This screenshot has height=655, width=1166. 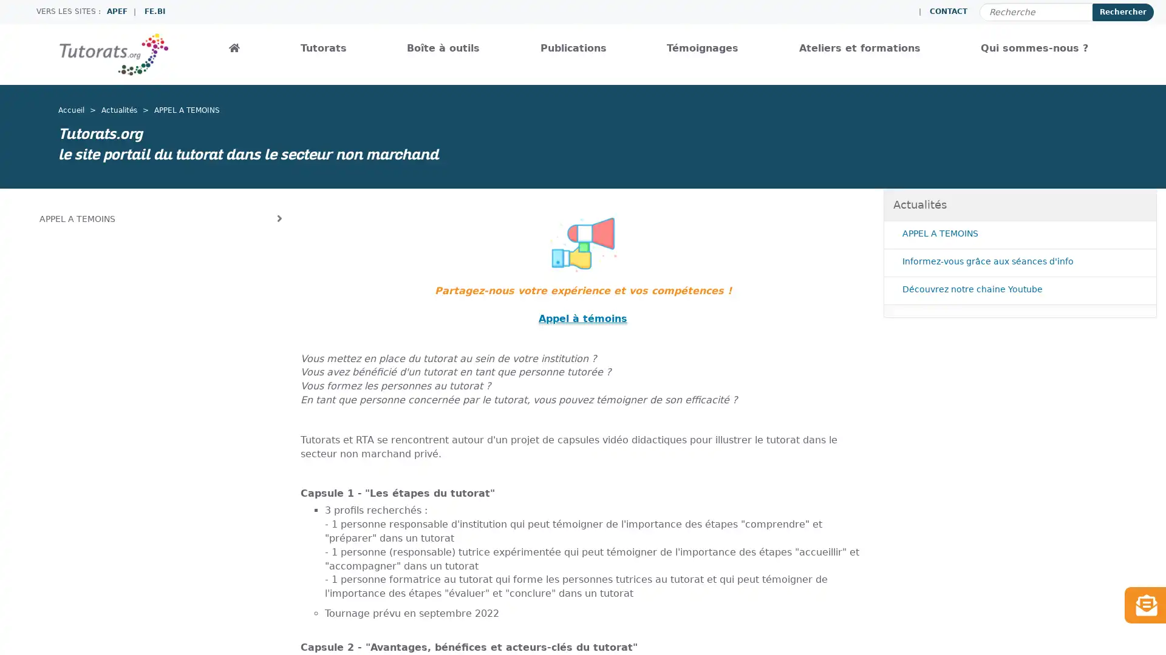 What do you see at coordinates (1122, 12) in the screenshot?
I see `Rechercher` at bounding box center [1122, 12].